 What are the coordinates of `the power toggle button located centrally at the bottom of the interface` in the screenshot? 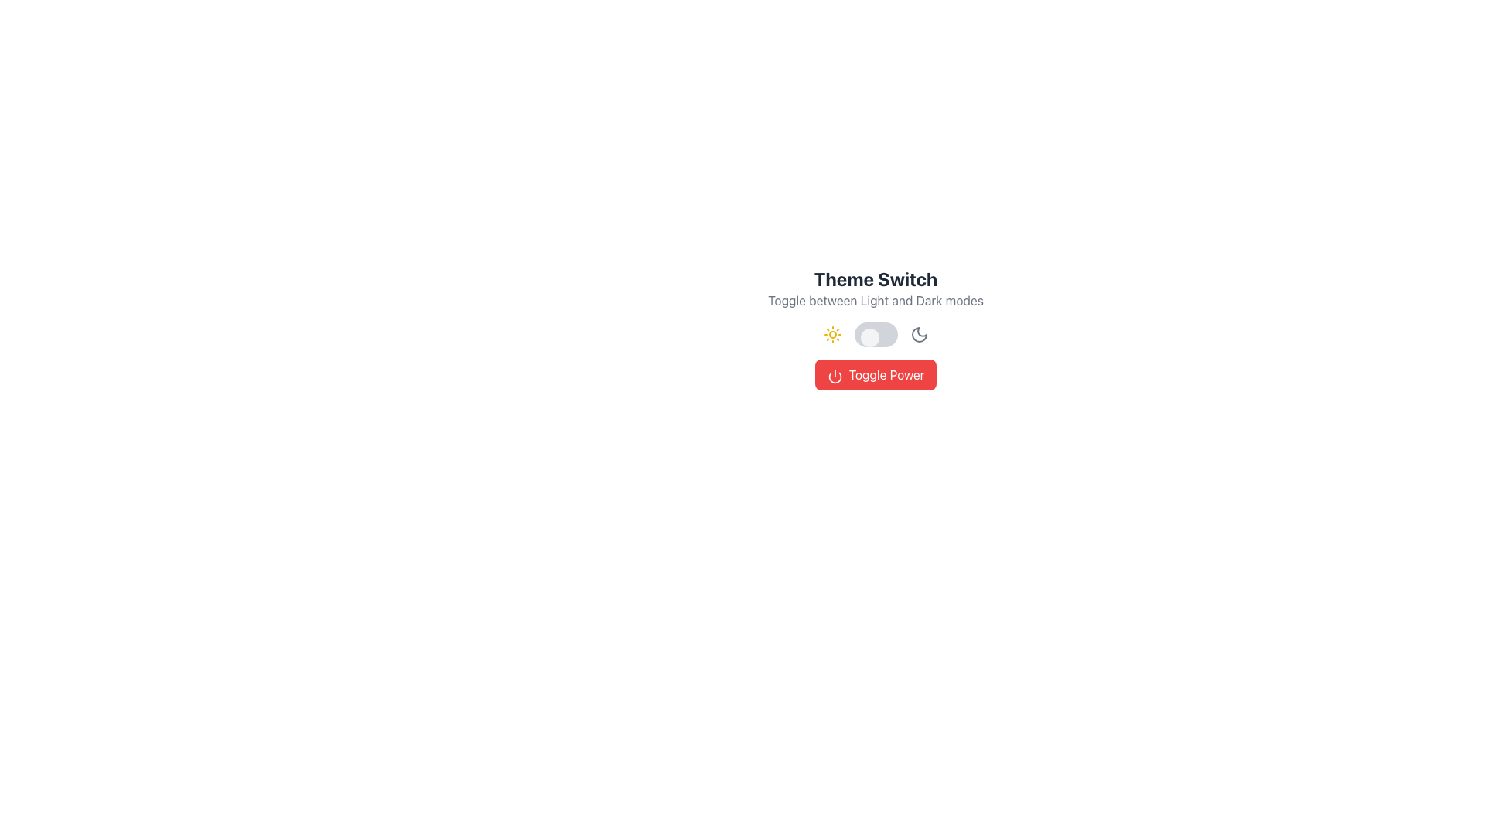 It's located at (876, 375).